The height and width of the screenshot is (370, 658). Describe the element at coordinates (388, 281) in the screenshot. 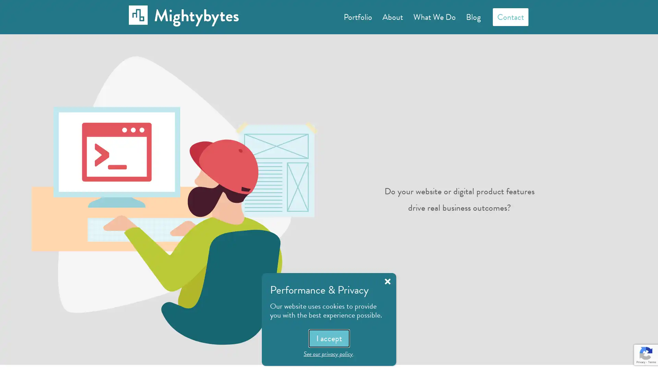

I see `Close` at that location.